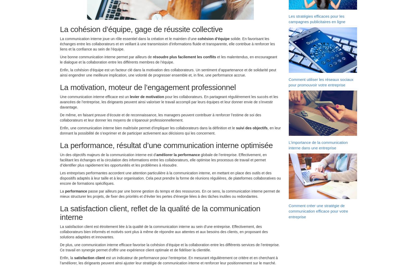 The image size is (417, 268). I want to click on 'améliorer la performance', so click(178, 156).